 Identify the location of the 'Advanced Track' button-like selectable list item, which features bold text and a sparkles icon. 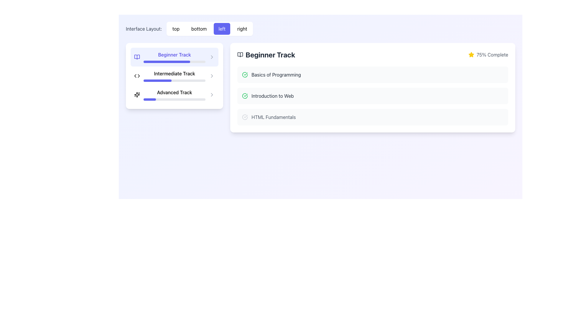
(174, 94).